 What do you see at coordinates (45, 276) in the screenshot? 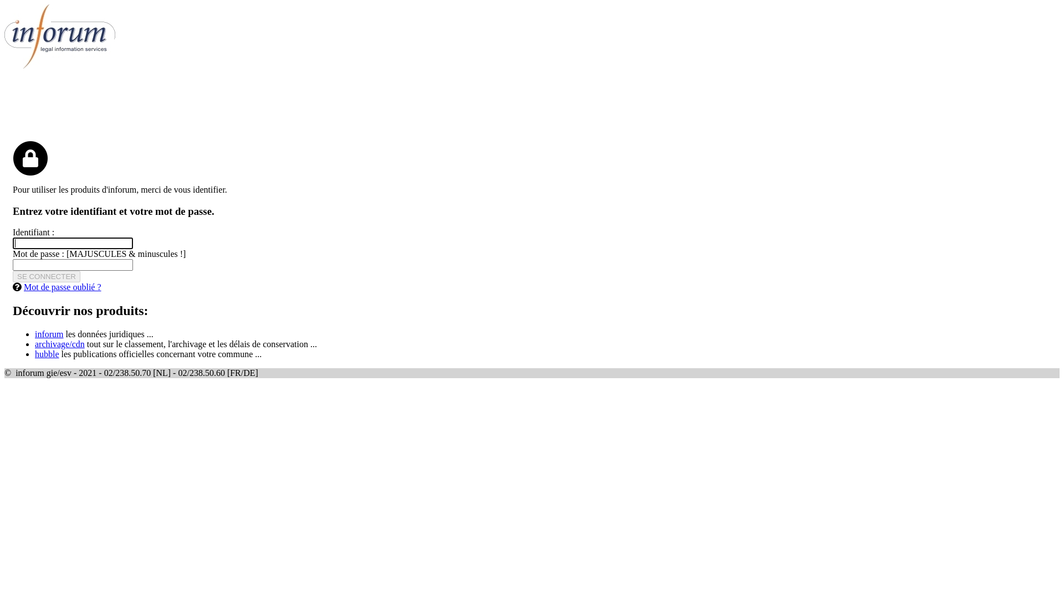
I see `'SE CONNECTER'` at bounding box center [45, 276].